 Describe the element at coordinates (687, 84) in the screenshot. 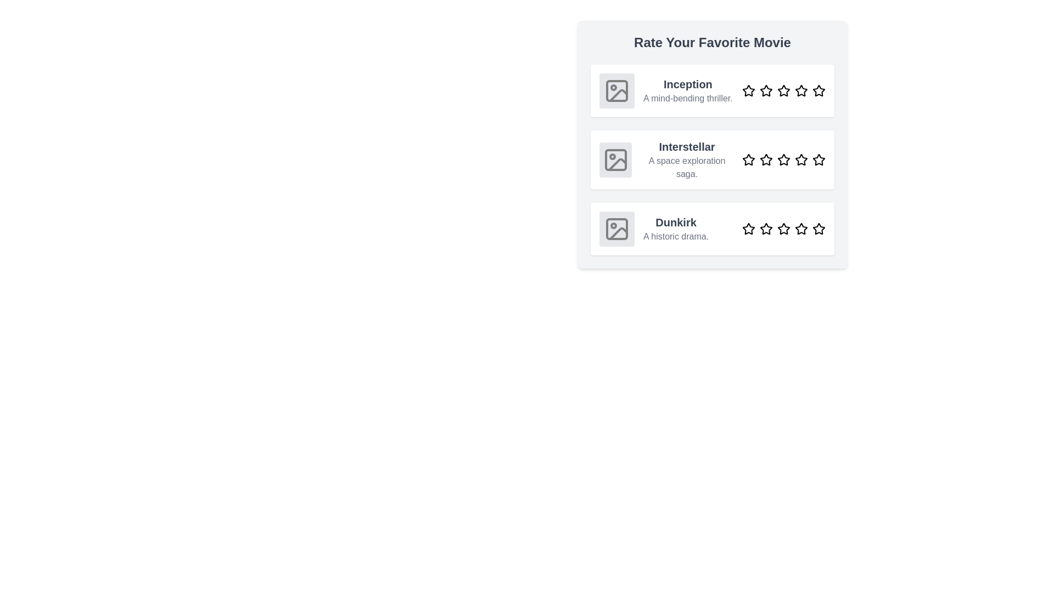

I see `the title label of the movie, located at the top of the movie list, which indicates the name of the movie` at that location.